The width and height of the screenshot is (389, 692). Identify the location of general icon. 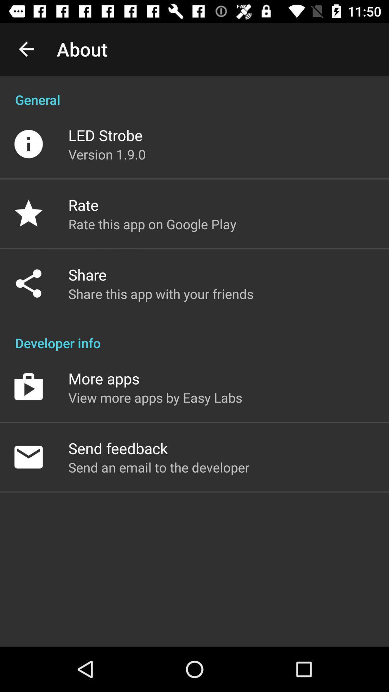
(194, 92).